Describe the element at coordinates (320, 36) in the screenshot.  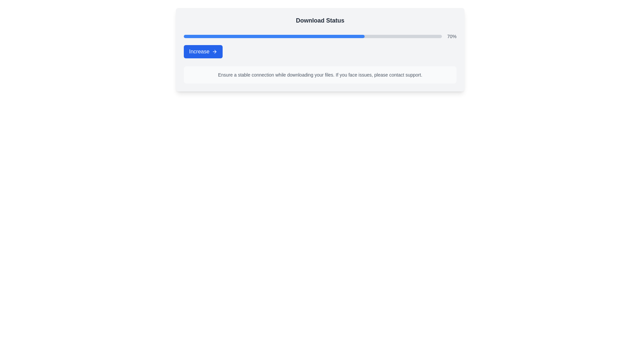
I see `the progress bar indicating 70% completion to observe details` at that location.